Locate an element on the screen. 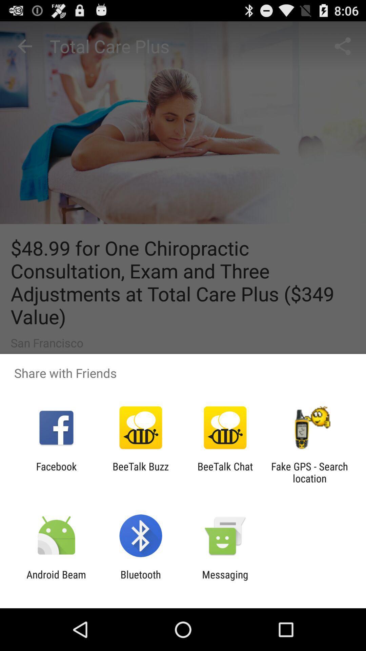  icon to the right of facebook icon is located at coordinates (140, 472).